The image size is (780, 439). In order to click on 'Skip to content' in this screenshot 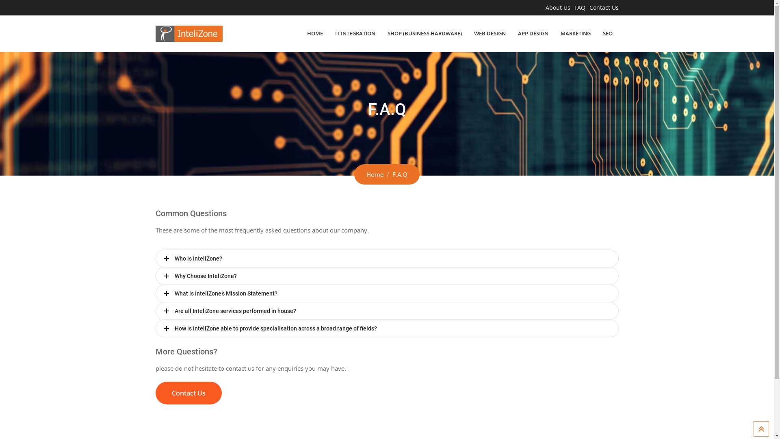, I will do `click(0, 0)`.